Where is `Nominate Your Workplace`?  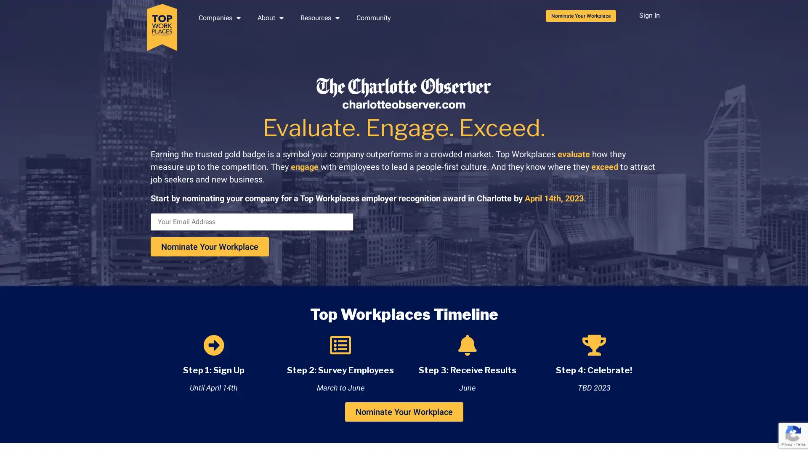 Nominate Your Workplace is located at coordinates (403, 411).